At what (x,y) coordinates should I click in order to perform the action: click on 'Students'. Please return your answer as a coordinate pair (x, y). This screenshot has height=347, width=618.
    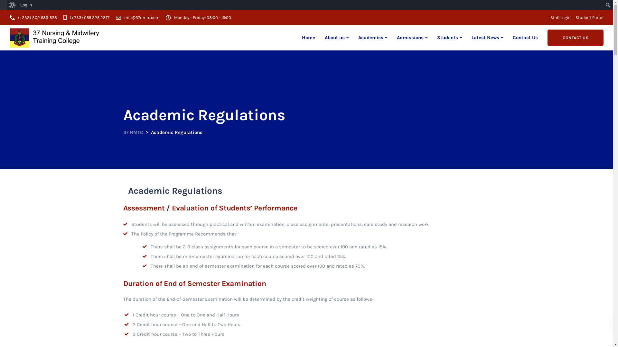
    Looking at the image, I should click on (449, 38).